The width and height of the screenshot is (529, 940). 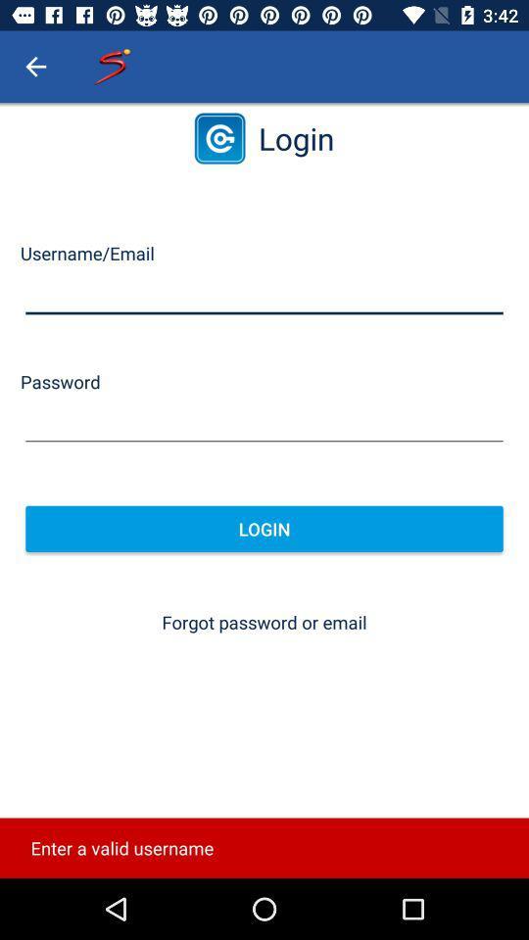 I want to click on item above the enter a valid icon, so click(x=264, y=621).